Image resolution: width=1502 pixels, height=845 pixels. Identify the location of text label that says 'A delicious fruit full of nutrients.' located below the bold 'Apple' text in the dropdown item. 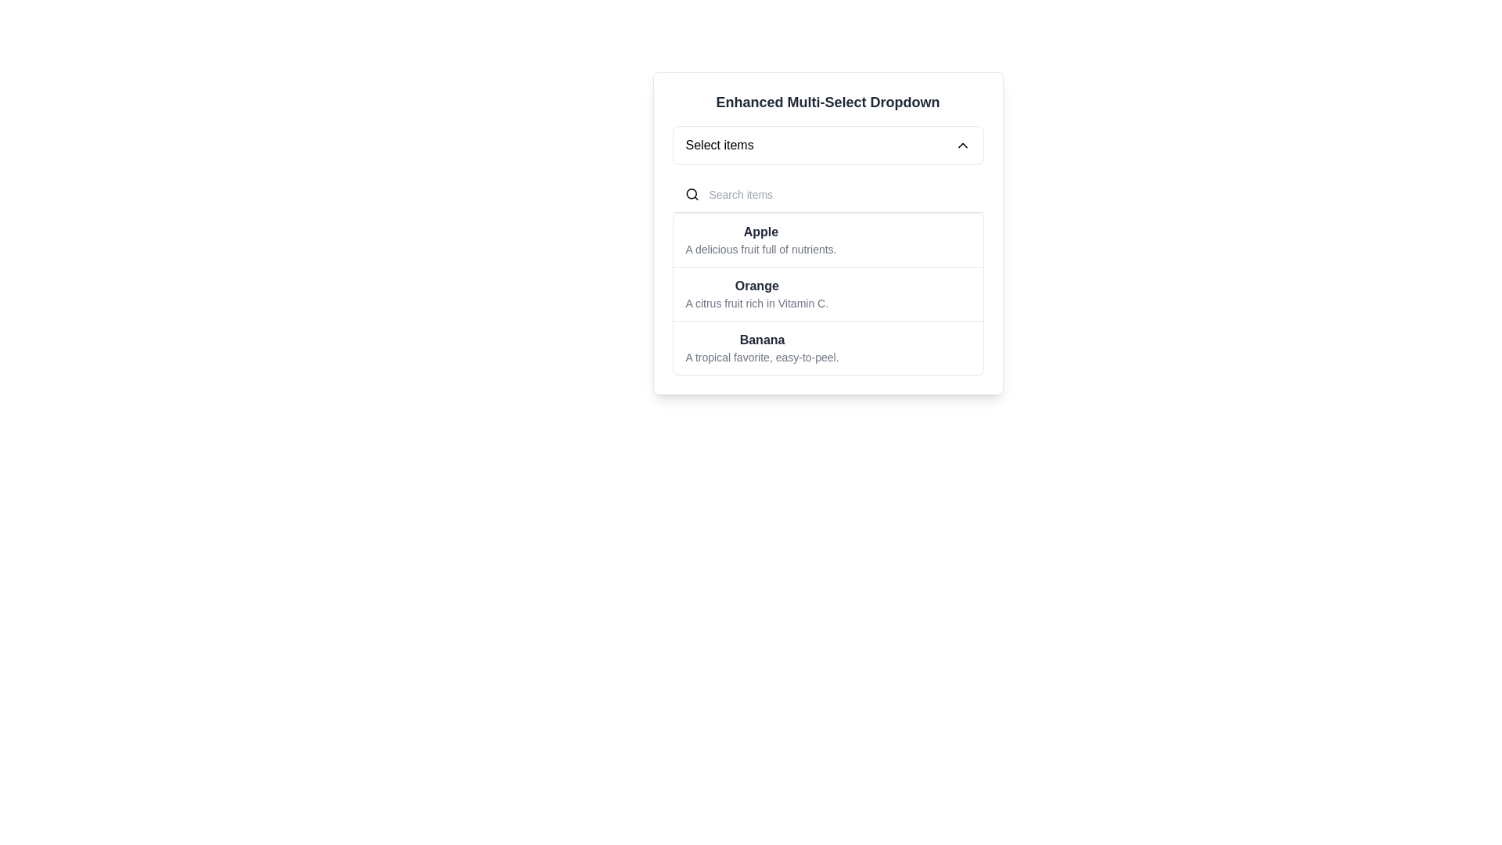
(761, 249).